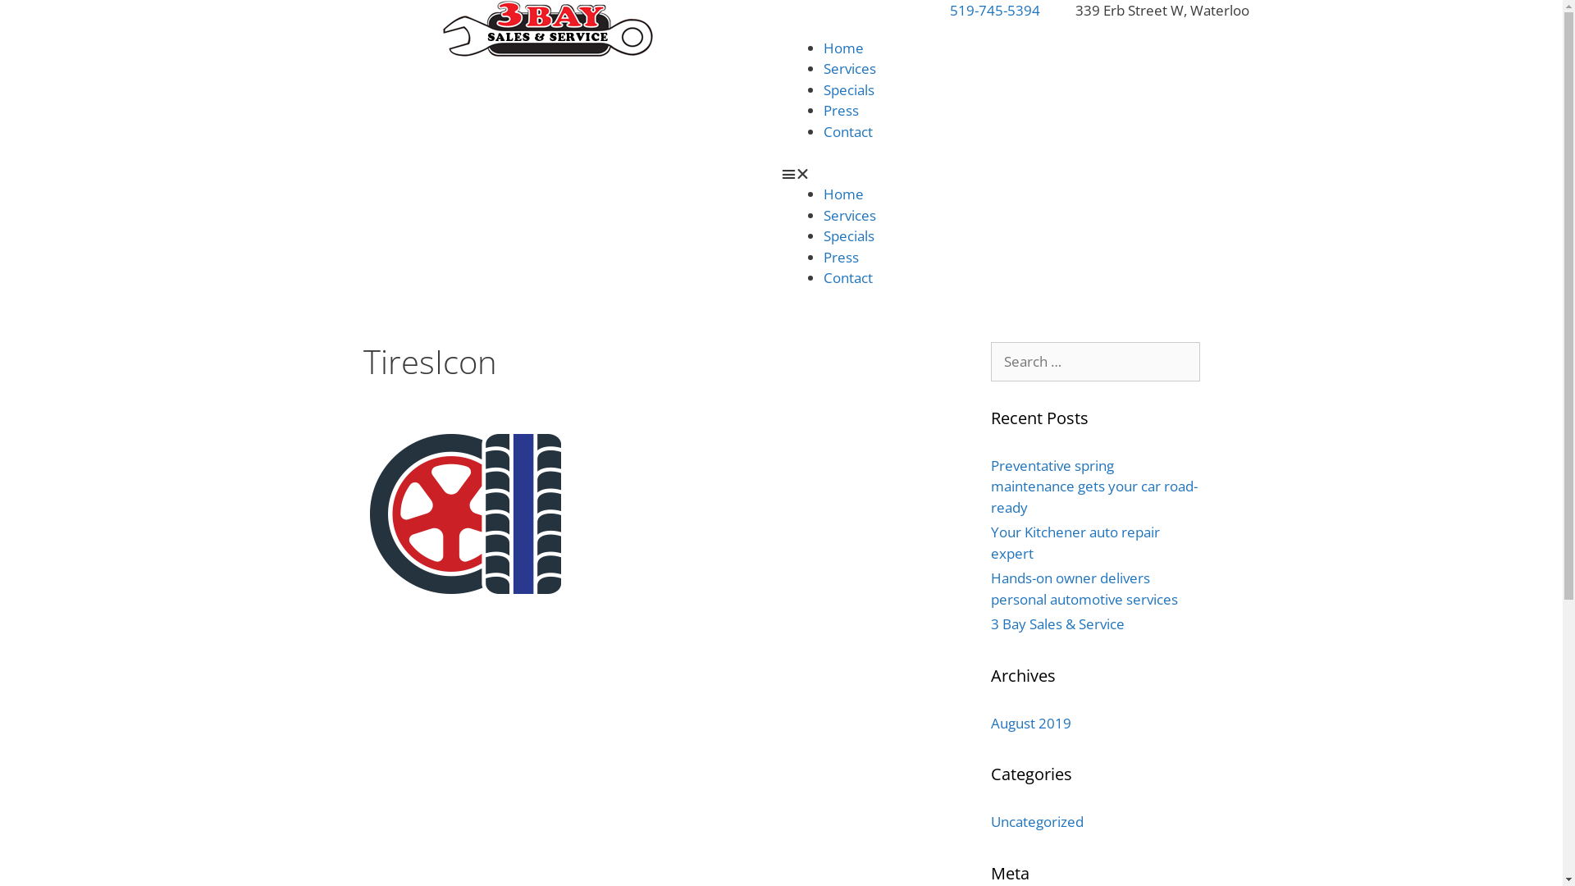 The image size is (1575, 886). What do you see at coordinates (849, 235) in the screenshot?
I see `'Specials'` at bounding box center [849, 235].